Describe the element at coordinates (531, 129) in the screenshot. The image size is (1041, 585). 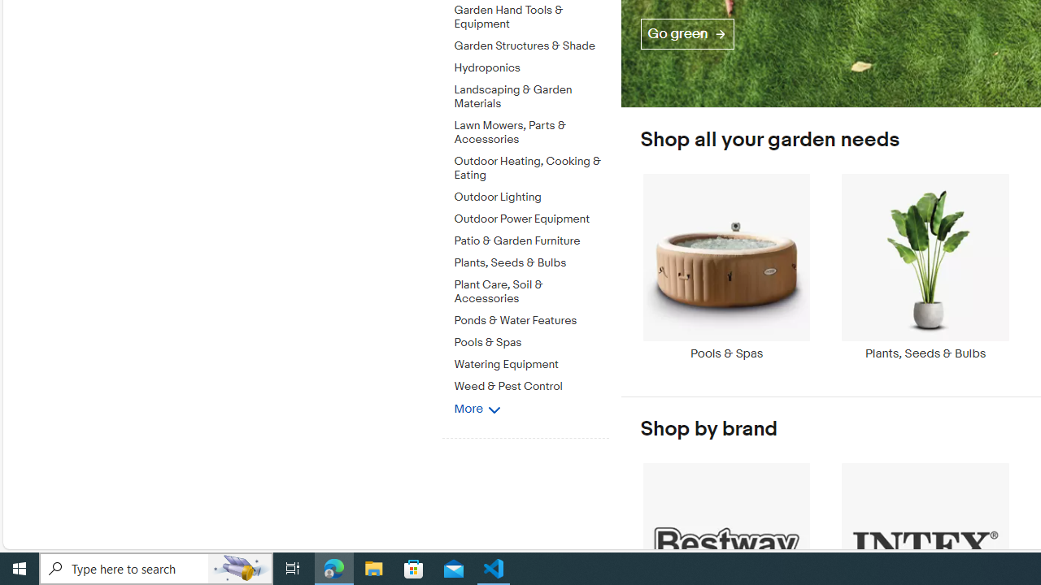
I see `'Lawn Mowers, Parts & Accessories'` at that location.